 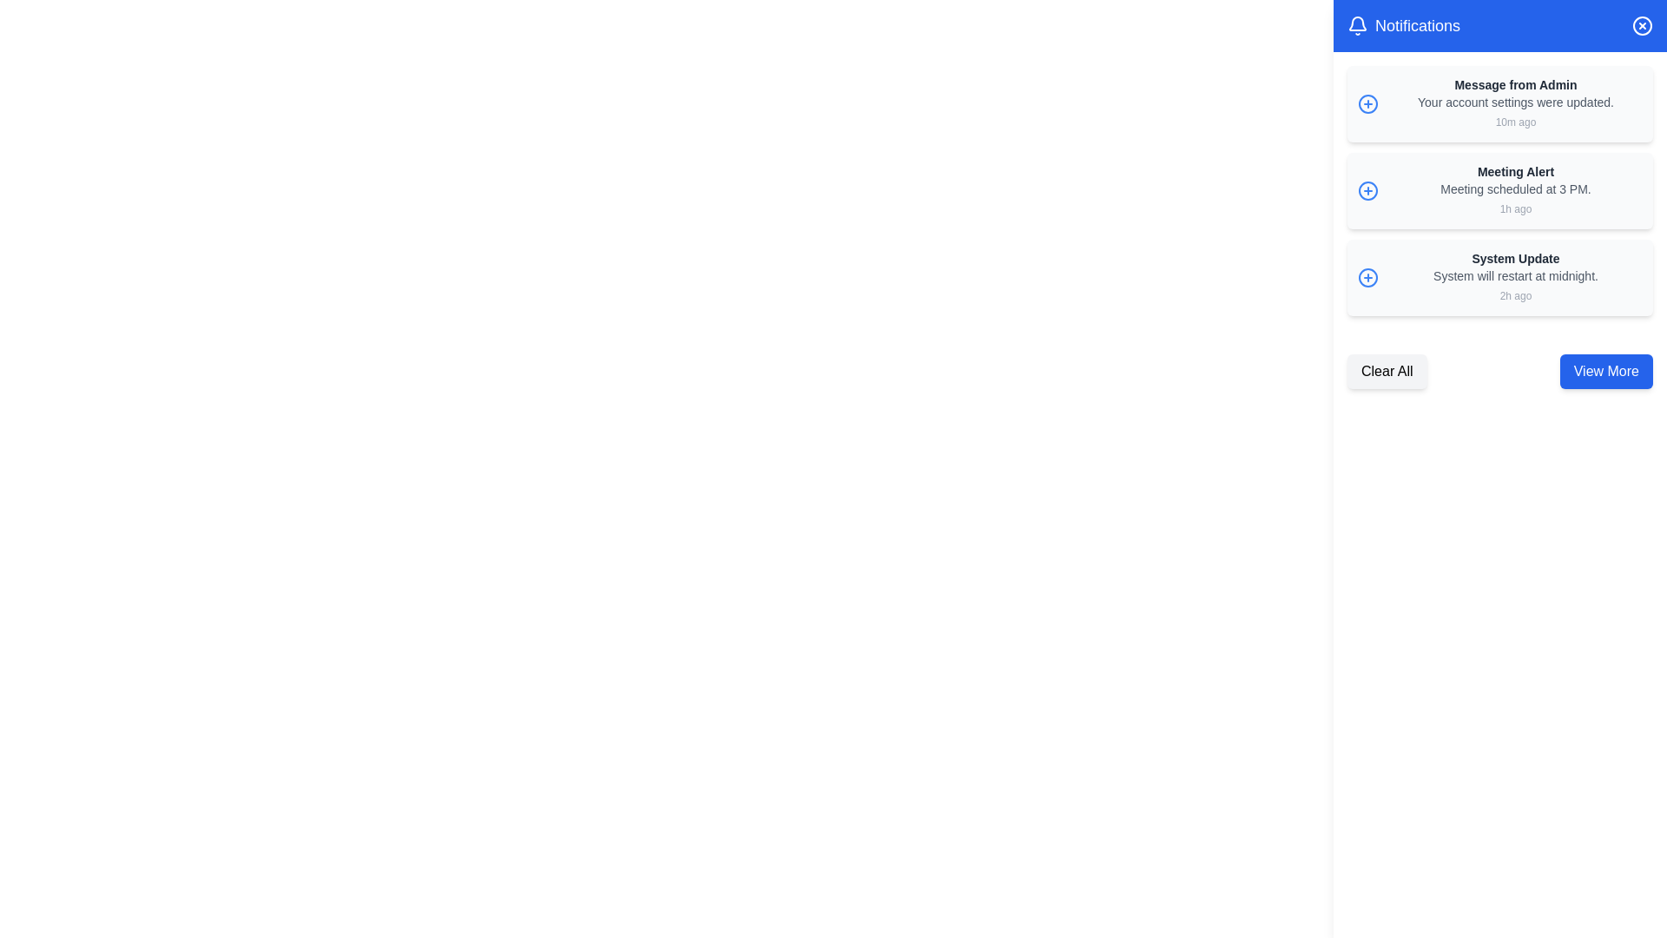 I want to click on the static text element displaying 'Meeting scheduled at 3 PM.' which is located in the notification box, positioned below 'Meeting Alert' and above '1h ago', so click(x=1515, y=189).